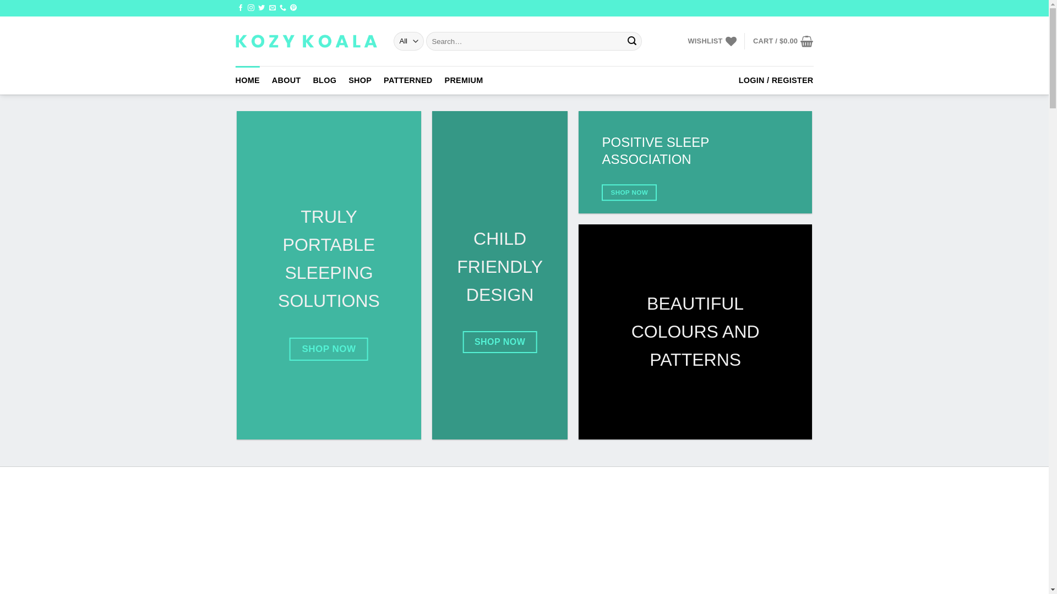 This screenshot has width=1057, height=594. What do you see at coordinates (272, 8) in the screenshot?
I see `'Send us an email'` at bounding box center [272, 8].